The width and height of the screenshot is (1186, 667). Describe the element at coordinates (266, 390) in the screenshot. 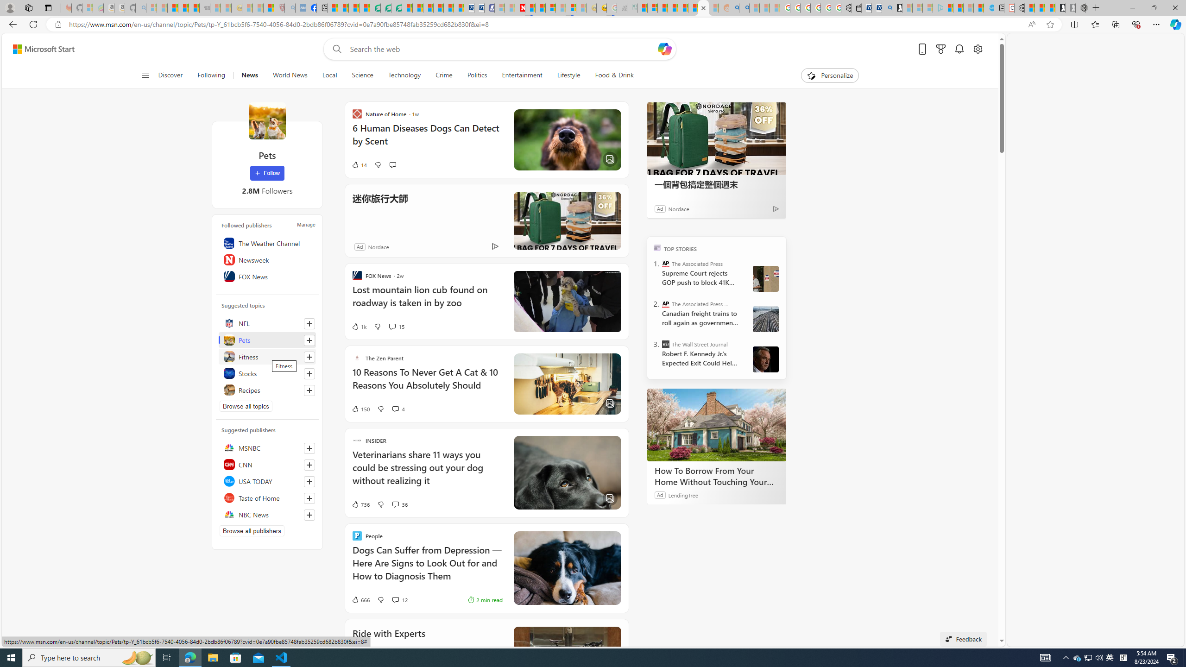

I see `'Recipes'` at that location.